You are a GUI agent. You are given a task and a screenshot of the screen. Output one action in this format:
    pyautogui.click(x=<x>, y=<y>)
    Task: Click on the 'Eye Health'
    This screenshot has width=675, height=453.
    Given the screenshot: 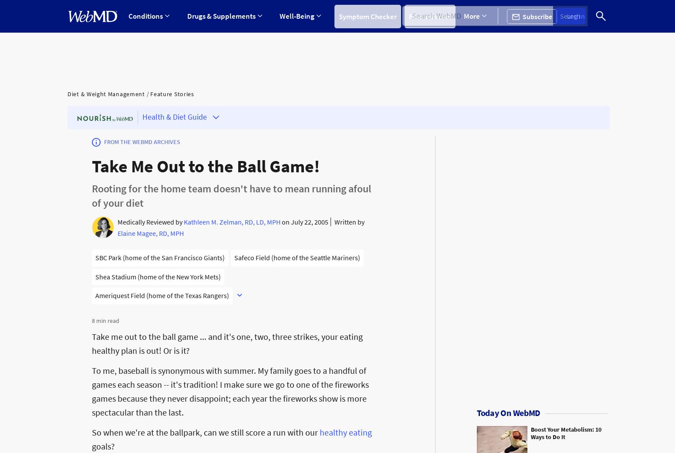 What is the action you would take?
    pyautogui.click(x=227, y=134)
    